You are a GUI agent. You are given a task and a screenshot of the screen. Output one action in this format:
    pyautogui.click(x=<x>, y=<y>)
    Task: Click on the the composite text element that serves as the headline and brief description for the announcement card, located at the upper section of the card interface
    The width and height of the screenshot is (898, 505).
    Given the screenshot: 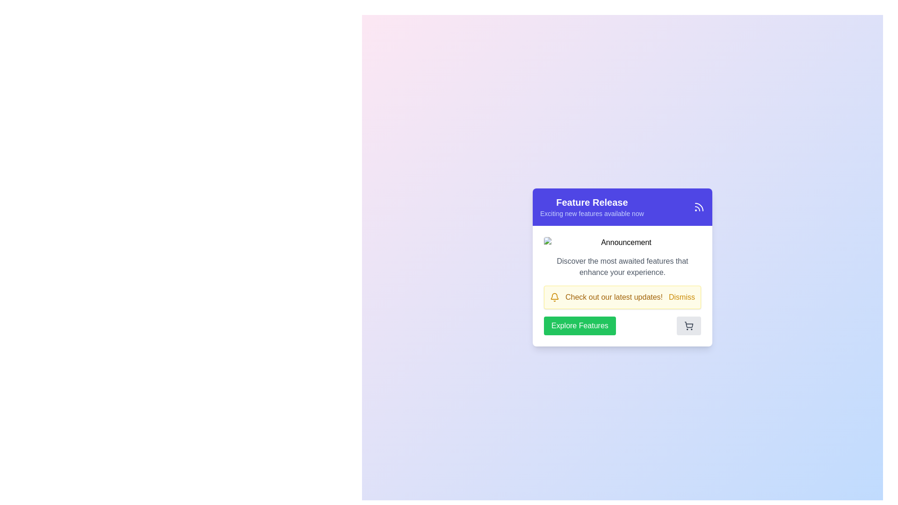 What is the action you would take?
    pyautogui.click(x=591, y=207)
    